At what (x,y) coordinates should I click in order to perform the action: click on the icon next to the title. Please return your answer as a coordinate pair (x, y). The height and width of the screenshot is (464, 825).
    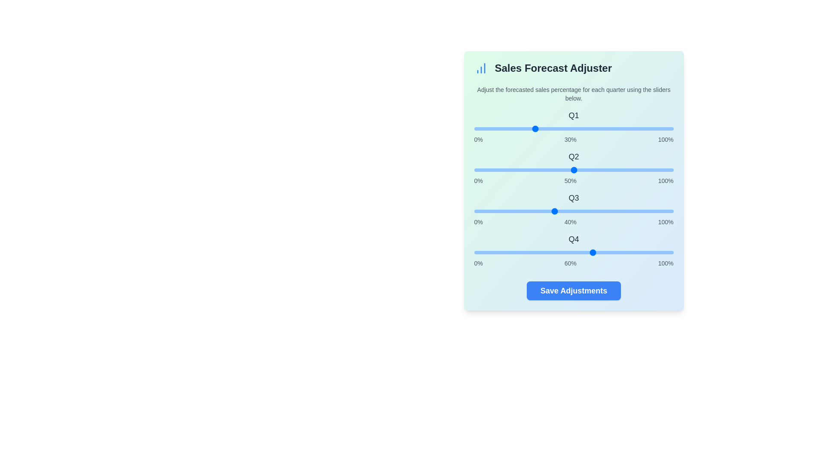
    Looking at the image, I should click on (480, 67).